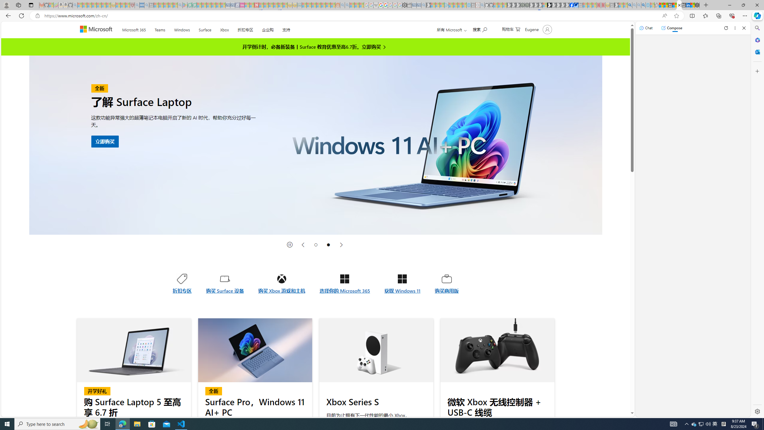 The height and width of the screenshot is (430, 764). Describe the element at coordinates (159, 28) in the screenshot. I see `'Teams'` at that location.